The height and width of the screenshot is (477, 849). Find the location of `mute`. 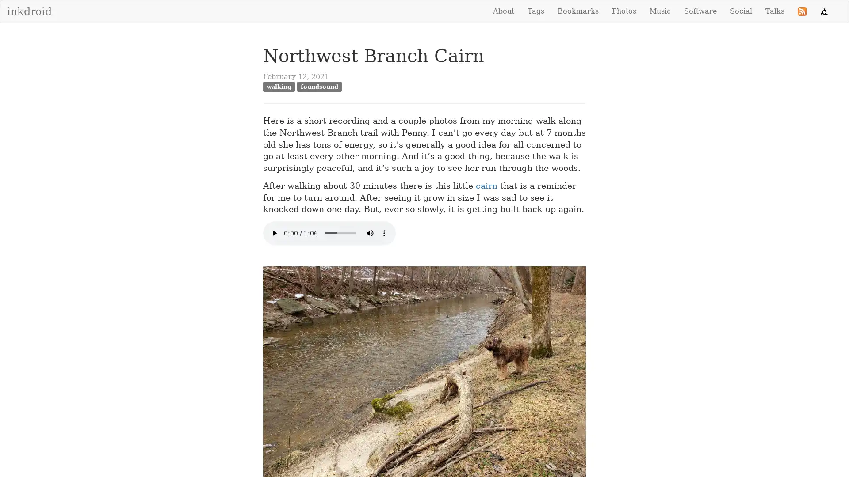

mute is located at coordinates (370, 233).